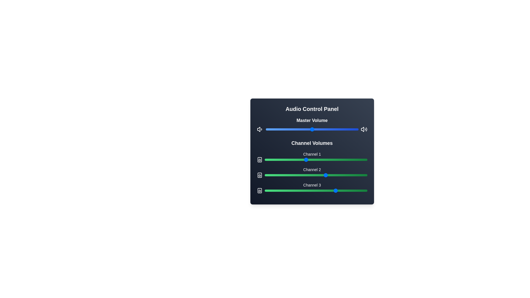 This screenshot has width=530, height=298. What do you see at coordinates (316, 190) in the screenshot?
I see `the horizontal range slider for 'Channel 3' volume control` at bounding box center [316, 190].